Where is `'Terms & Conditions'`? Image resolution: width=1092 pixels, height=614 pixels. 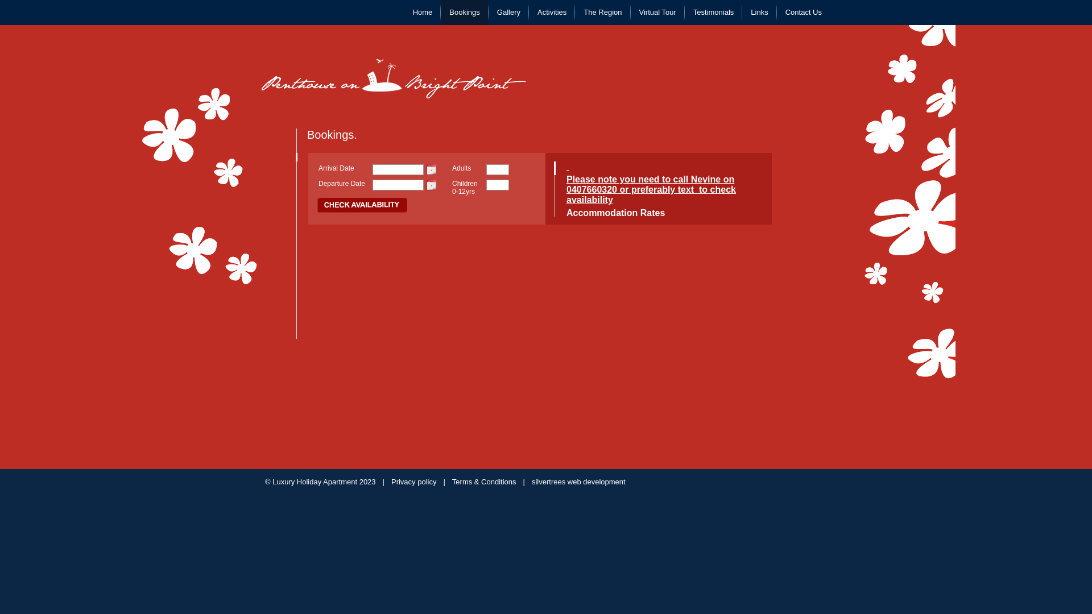 'Terms & Conditions' is located at coordinates (484, 482).